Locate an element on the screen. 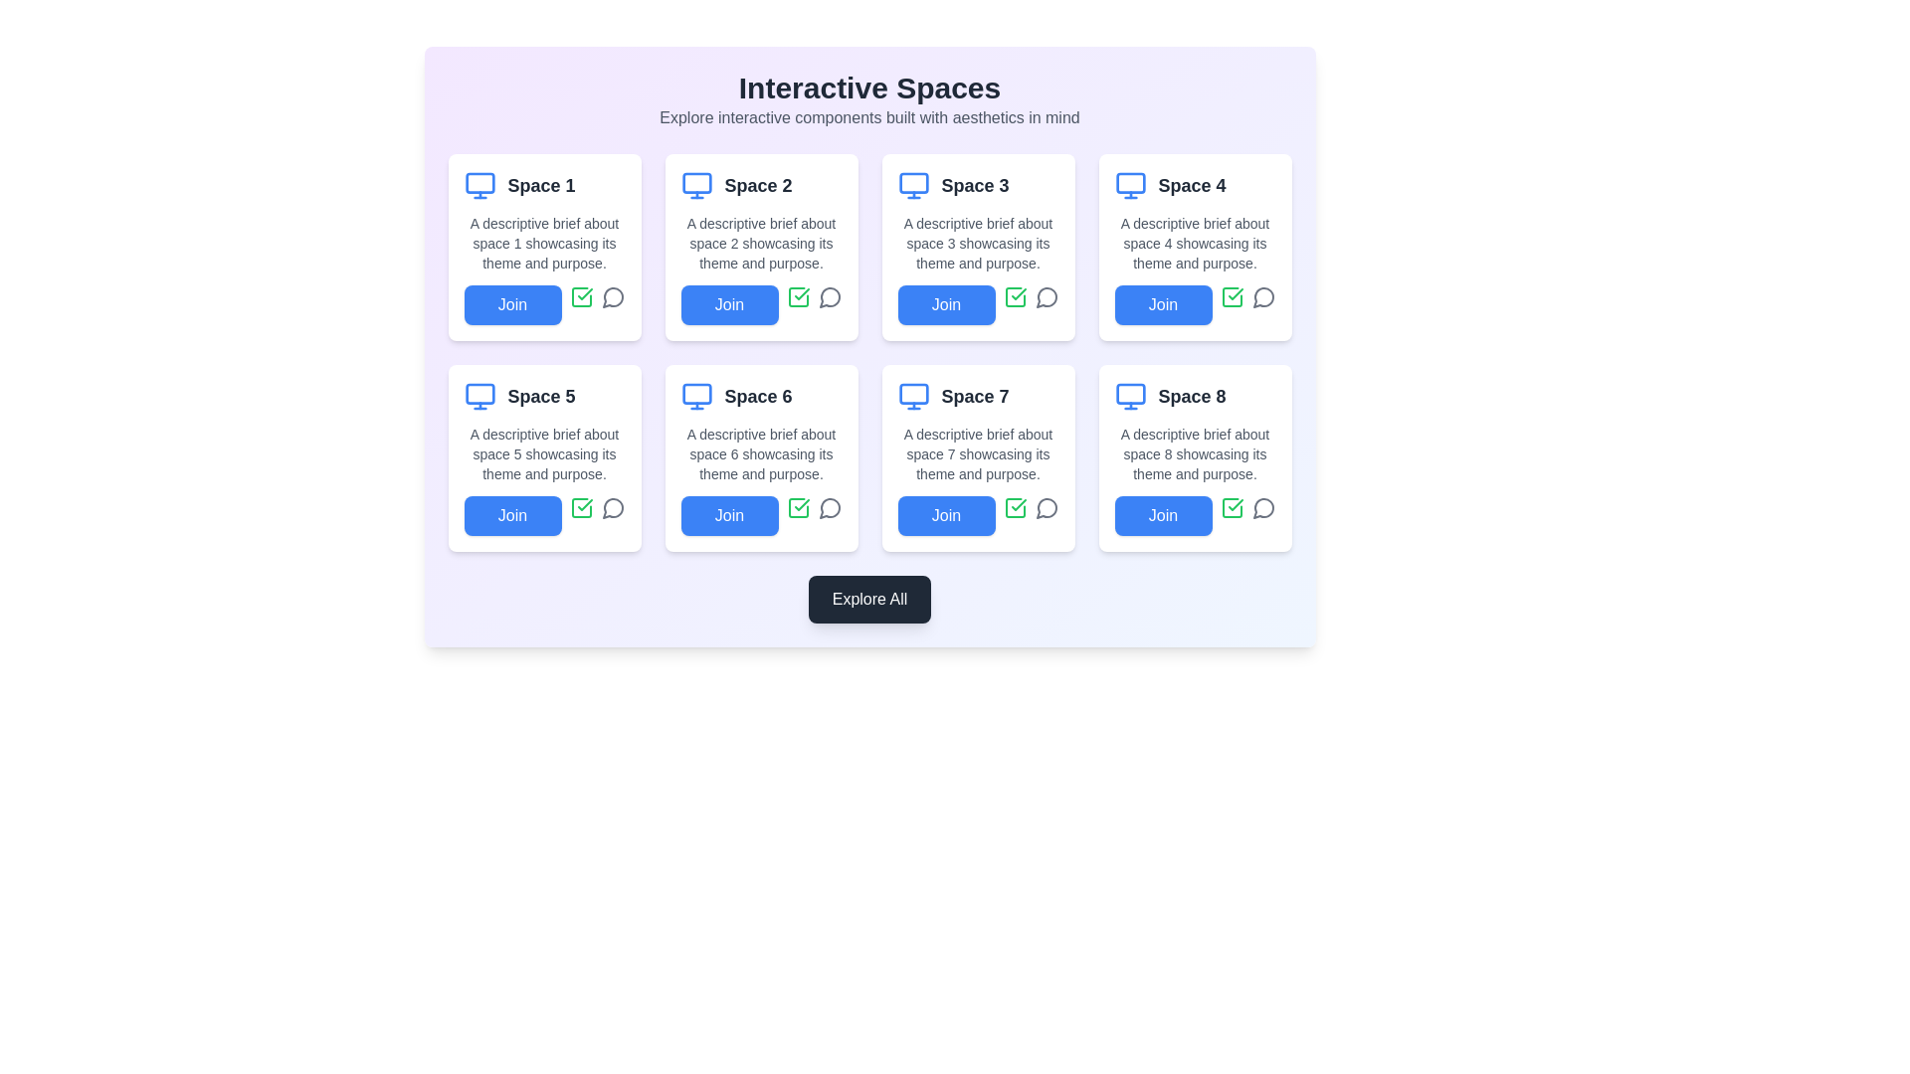  the text of the Label with an icon titled 'Space 1' located in the top-left corner of the first card under the 'Interactive Spaces' section is located at coordinates (544, 185).